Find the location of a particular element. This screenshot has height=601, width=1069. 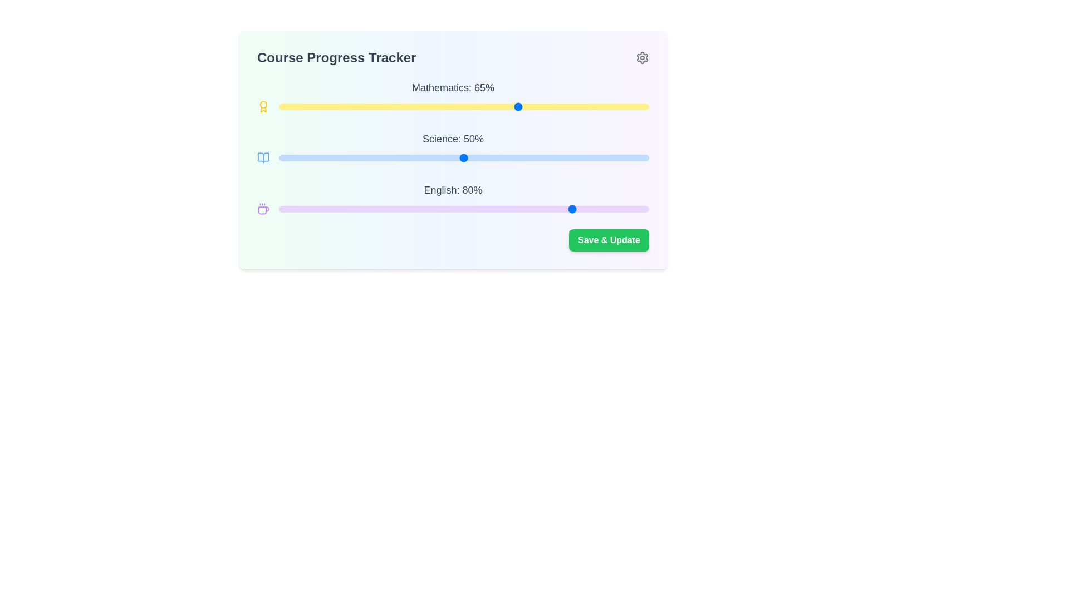

the mathematics progress slider is located at coordinates (301, 107).